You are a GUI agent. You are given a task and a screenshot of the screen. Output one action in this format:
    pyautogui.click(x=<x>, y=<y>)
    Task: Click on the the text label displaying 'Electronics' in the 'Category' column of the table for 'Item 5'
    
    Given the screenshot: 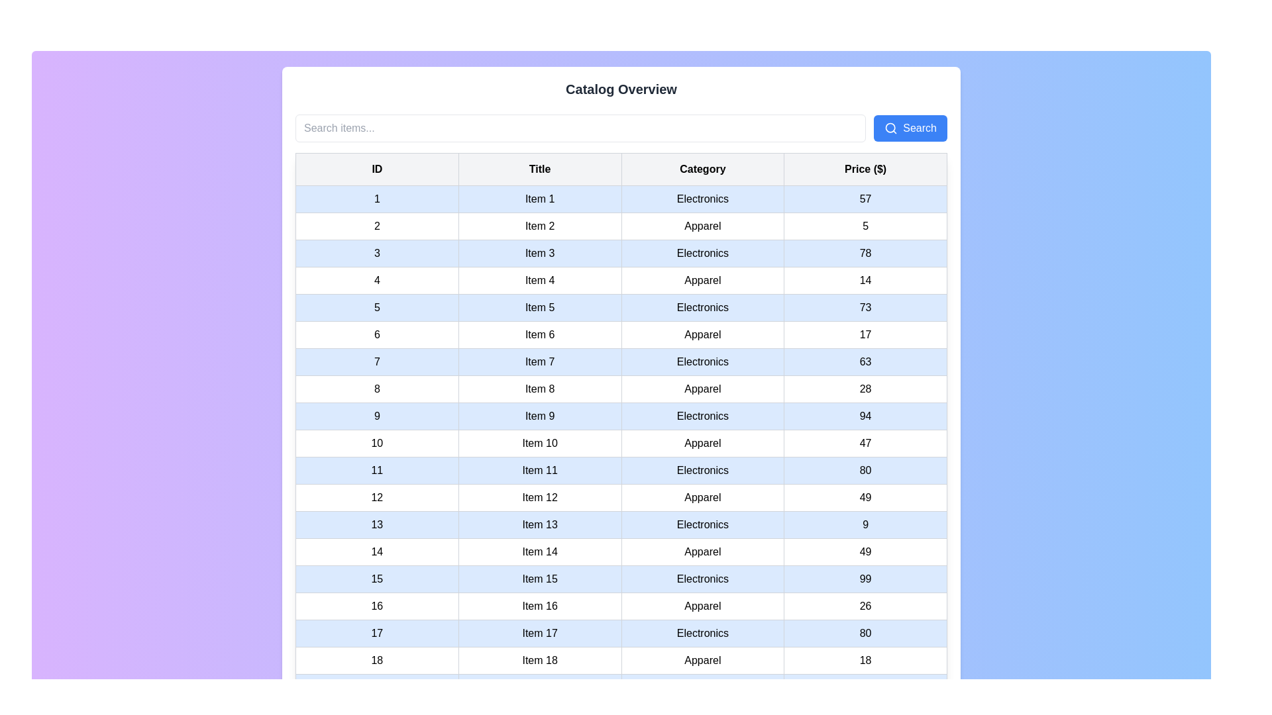 What is the action you would take?
    pyautogui.click(x=702, y=308)
    